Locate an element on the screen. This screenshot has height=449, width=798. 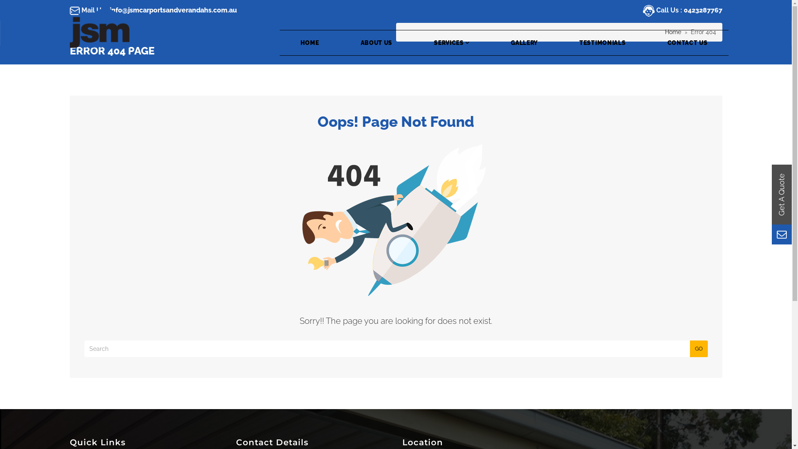
'Home' is located at coordinates (673, 32).